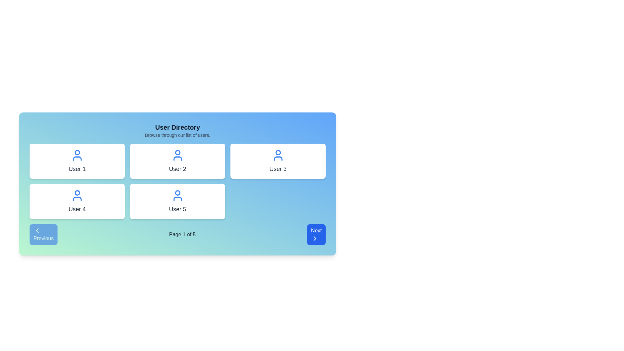 The height and width of the screenshot is (351, 624). What do you see at coordinates (77, 195) in the screenshot?
I see `the user icon located at the uppermost component of the 'User 4' card in the bottom-left part of the user grid` at bounding box center [77, 195].